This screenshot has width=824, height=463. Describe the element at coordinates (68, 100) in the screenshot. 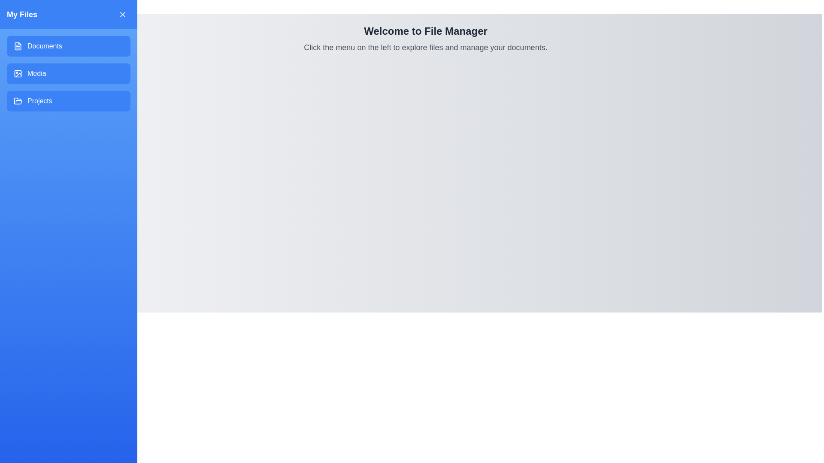

I see `the Projects category item in the FileManagerDrawer` at that location.